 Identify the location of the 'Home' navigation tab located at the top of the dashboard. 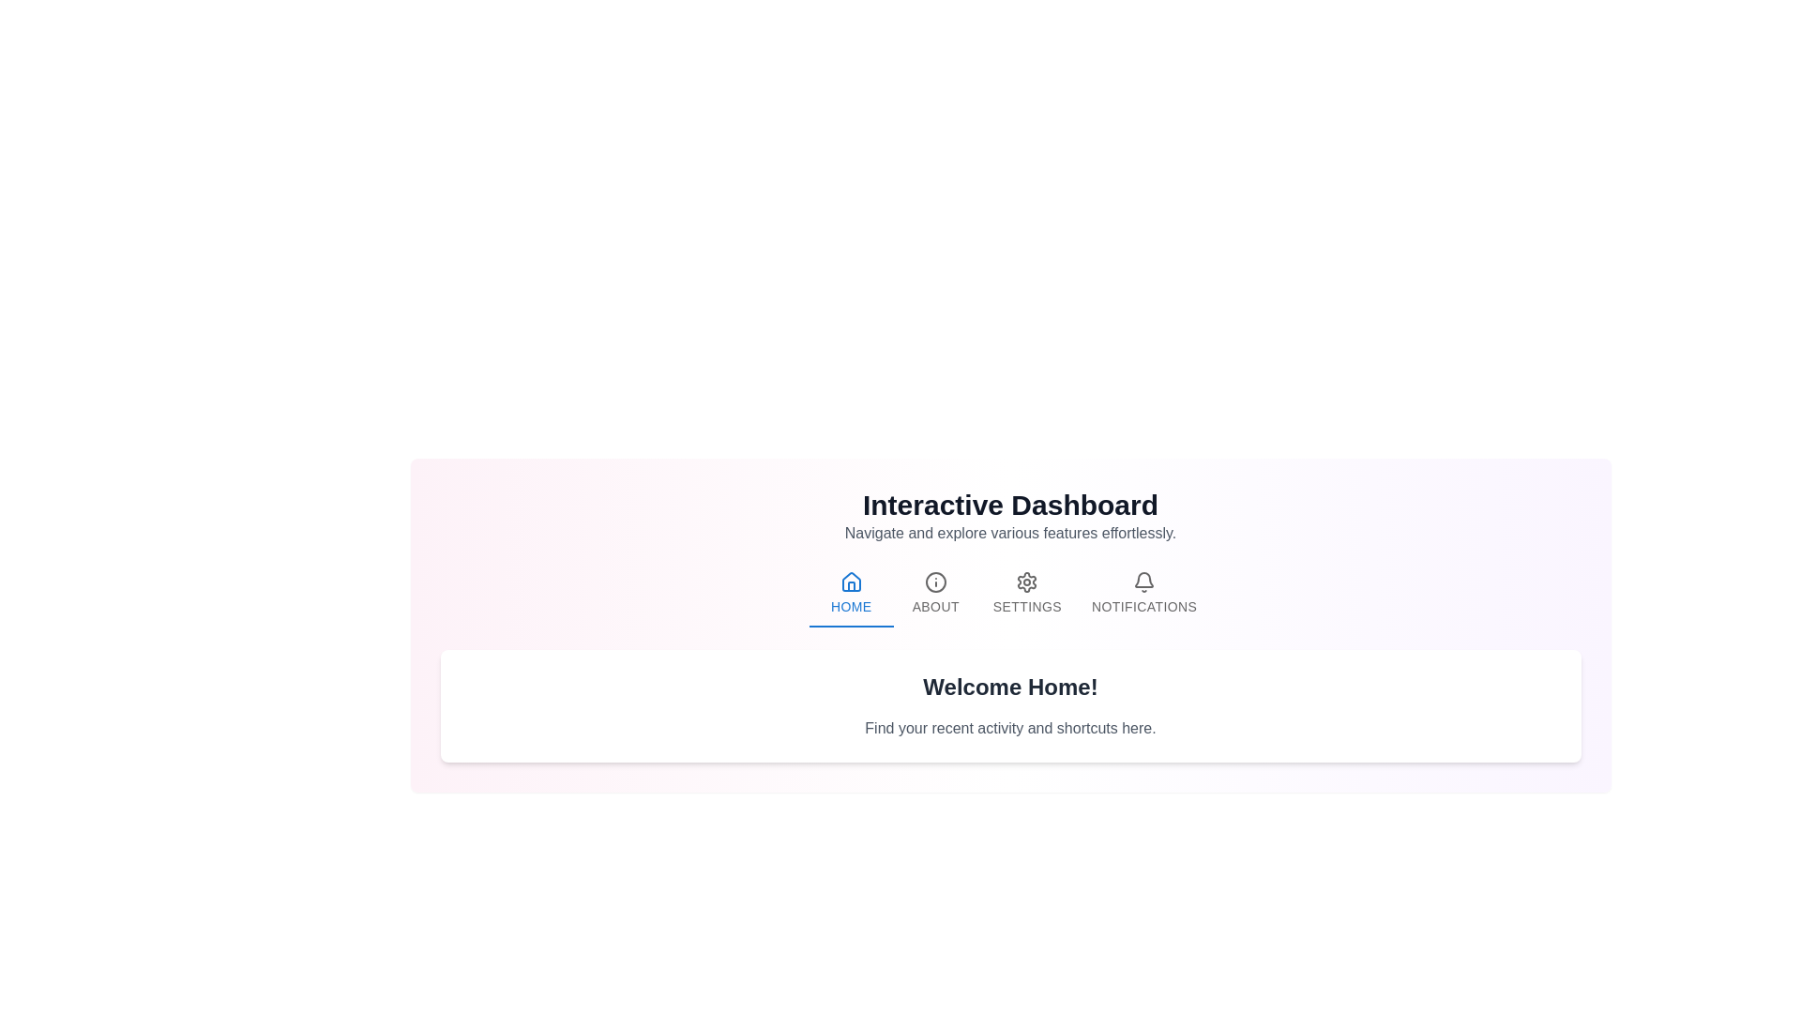
(850, 593).